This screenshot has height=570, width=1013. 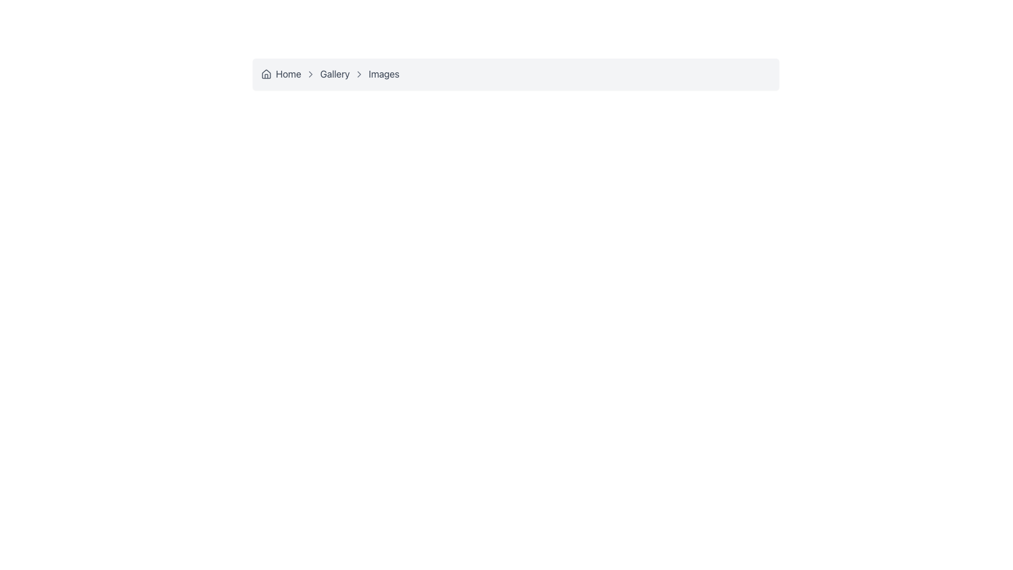 I want to click on the 'Gallery' breadcrumb navigation link element for accessibility navigation, so click(x=325, y=74).